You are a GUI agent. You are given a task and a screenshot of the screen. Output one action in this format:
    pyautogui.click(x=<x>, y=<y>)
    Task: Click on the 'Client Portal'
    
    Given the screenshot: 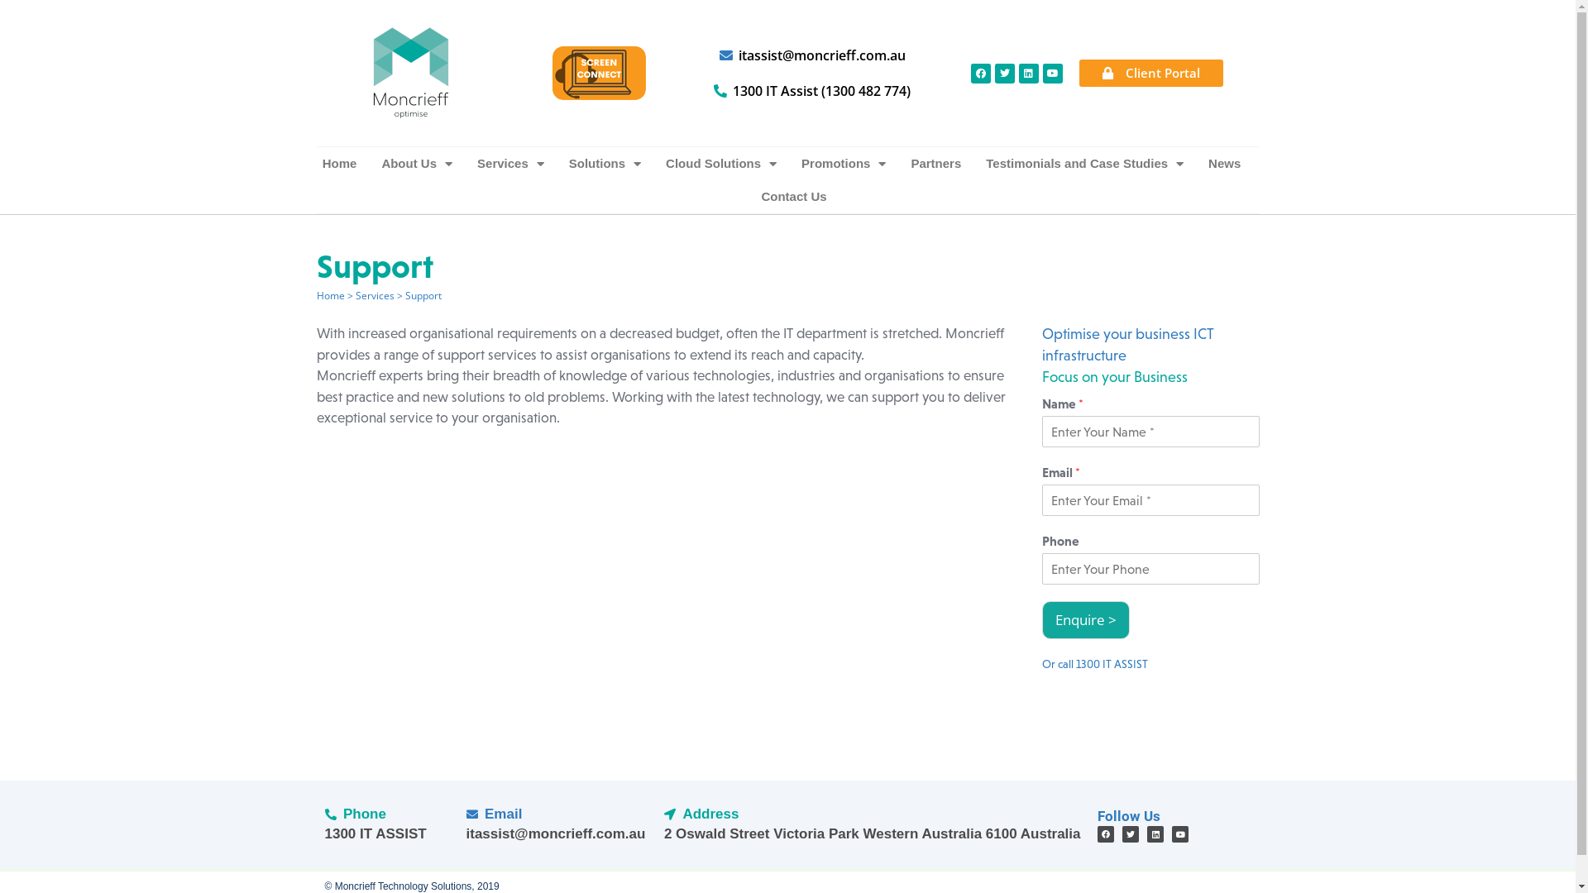 What is the action you would take?
    pyautogui.click(x=1079, y=72)
    